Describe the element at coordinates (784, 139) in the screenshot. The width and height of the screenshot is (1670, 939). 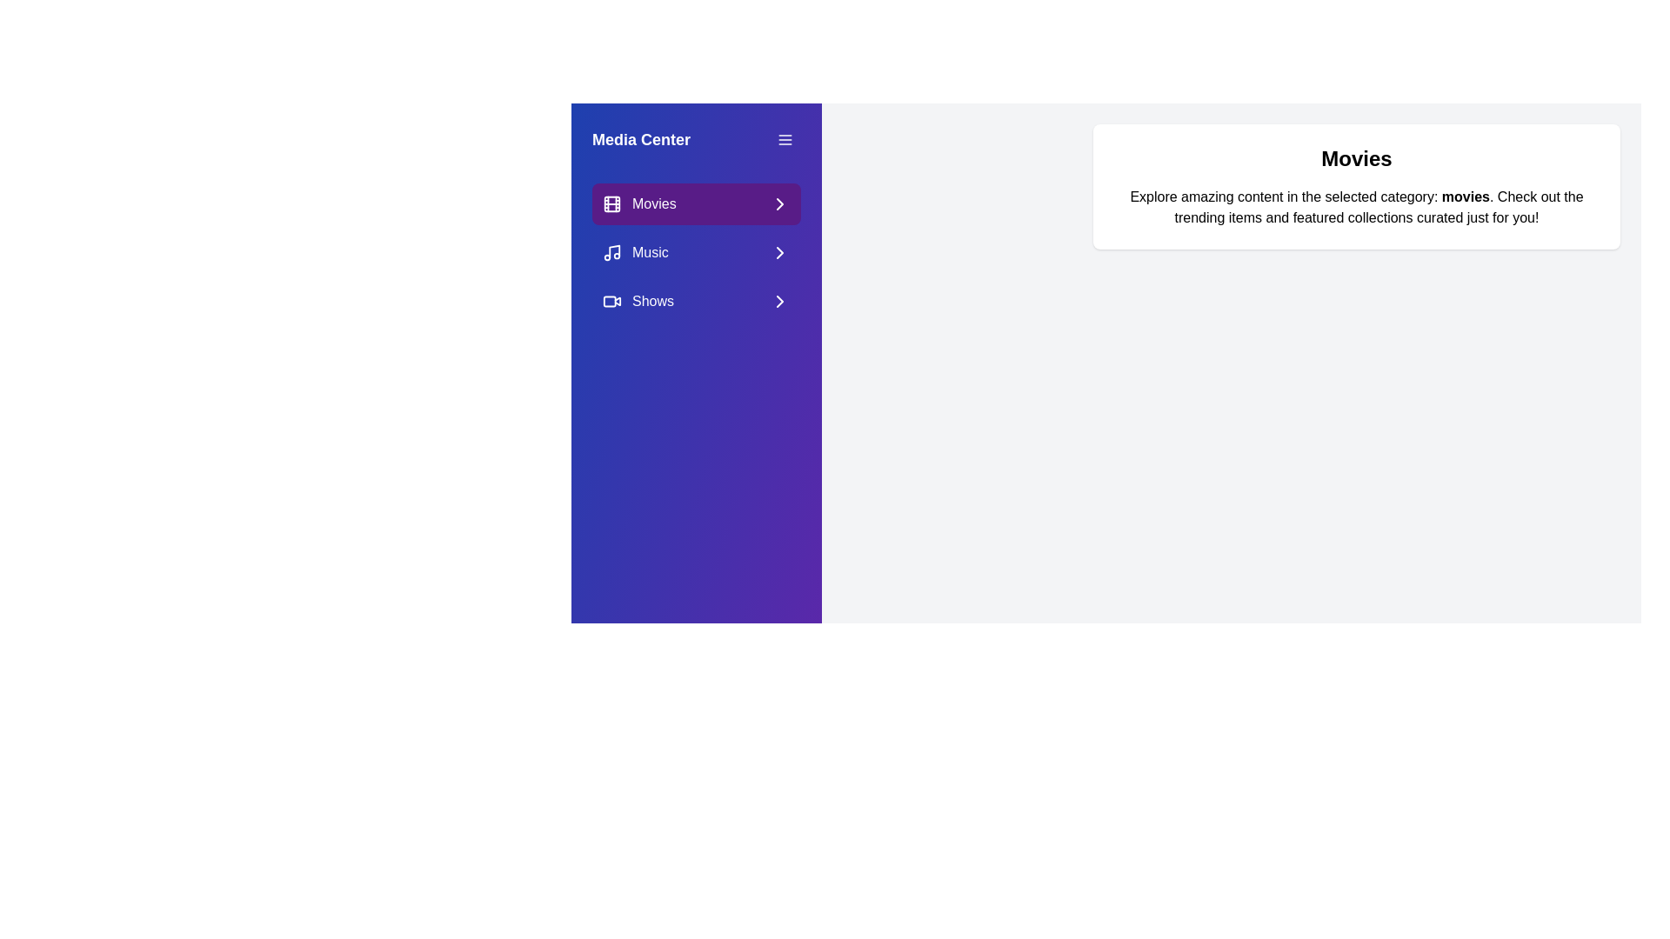
I see `the rounded button located at the top-right corner of the blue sidebar labeled 'Media Center'` at that location.